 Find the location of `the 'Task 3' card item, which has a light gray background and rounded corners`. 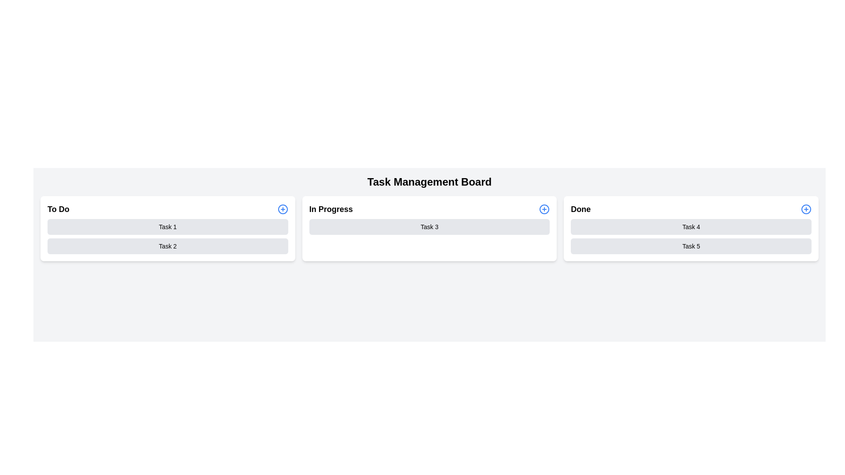

the 'Task 3' card item, which has a light gray background and rounded corners is located at coordinates (429, 227).